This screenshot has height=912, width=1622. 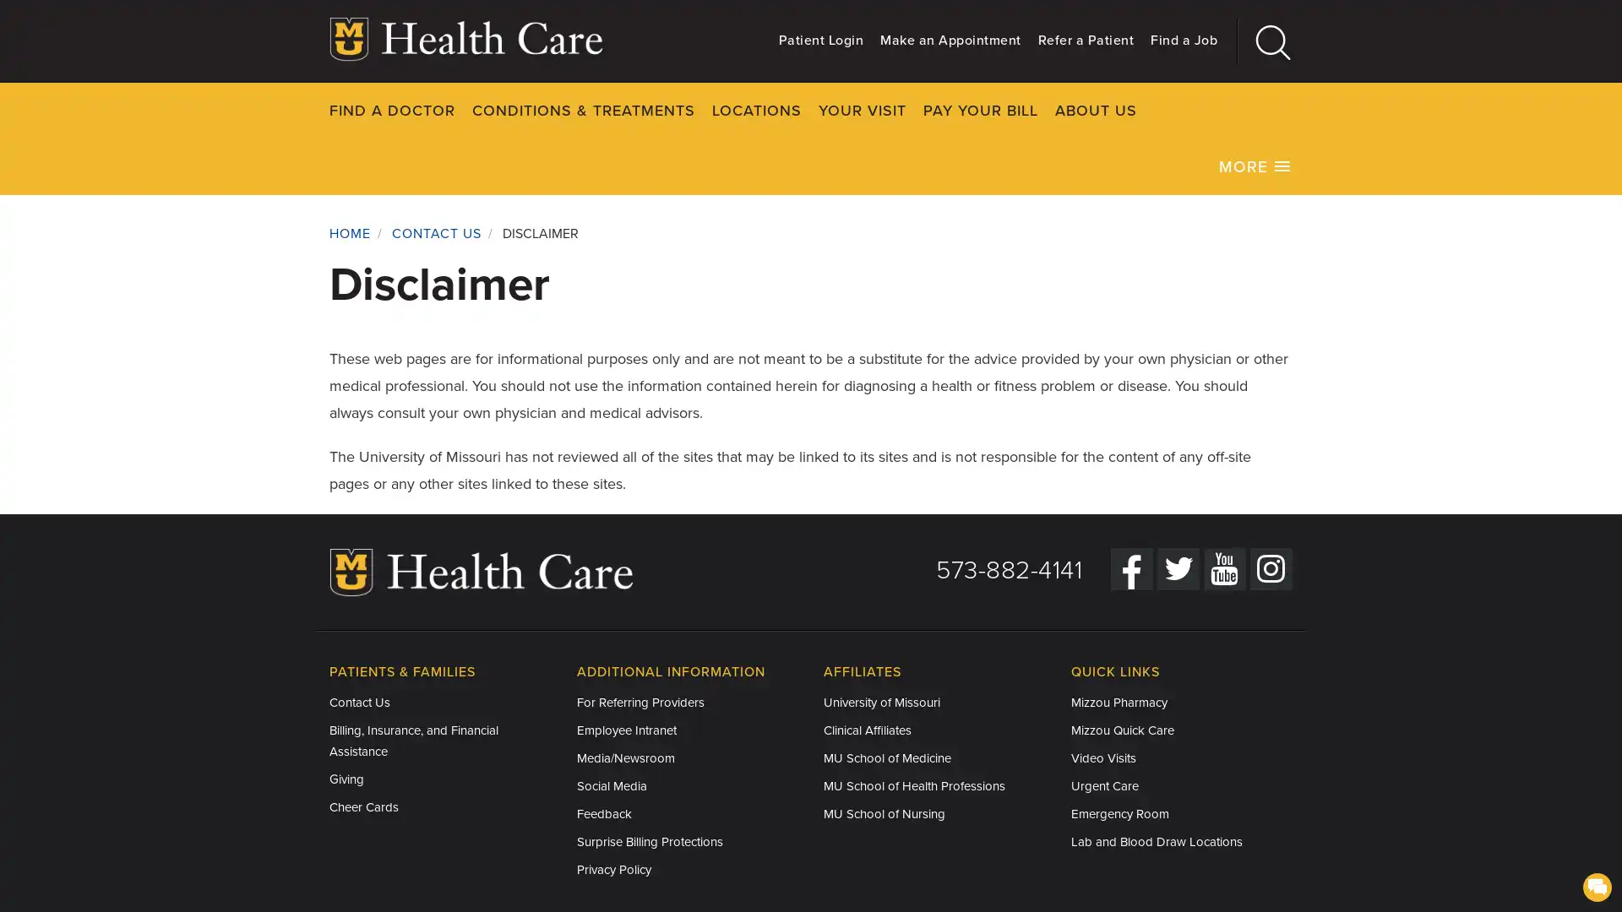 I want to click on CLOSE, so click(x=1342, y=110).